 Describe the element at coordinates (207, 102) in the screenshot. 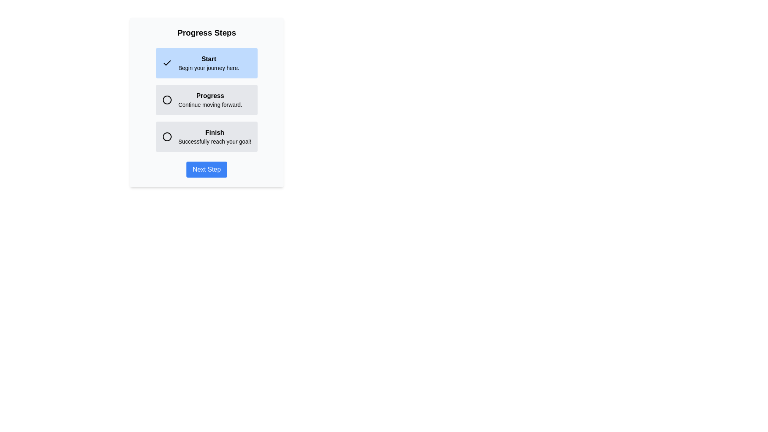

I see `the 'Next Step' button in the Progress tracker interface to proceed to the subsequent step, which is located centrally in the viewport after the title 'Progress Steps'` at that location.